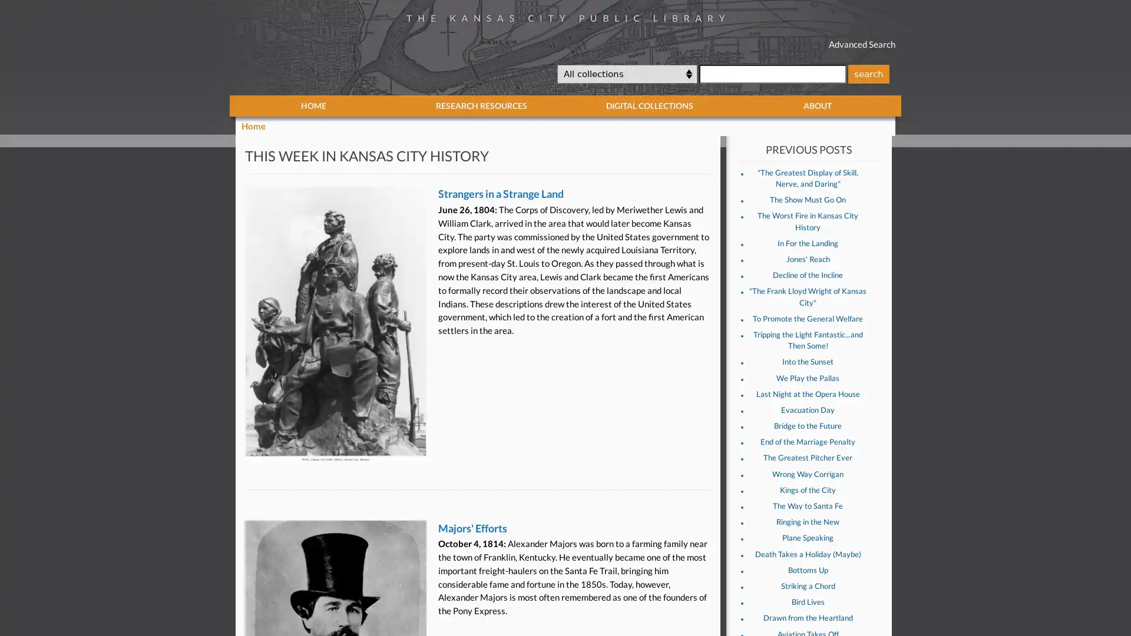  What do you see at coordinates (868, 73) in the screenshot?
I see `search` at bounding box center [868, 73].